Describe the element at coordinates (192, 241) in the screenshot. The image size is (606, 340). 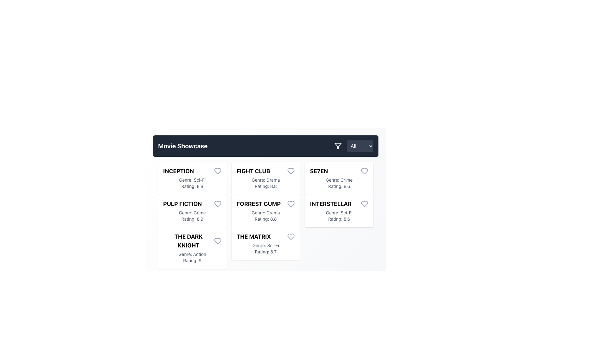
I see `the text label displaying 'THE DARK KNIGHT' in bold, uppercase letters, which is located at the top of the third card in the movie display grid` at that location.